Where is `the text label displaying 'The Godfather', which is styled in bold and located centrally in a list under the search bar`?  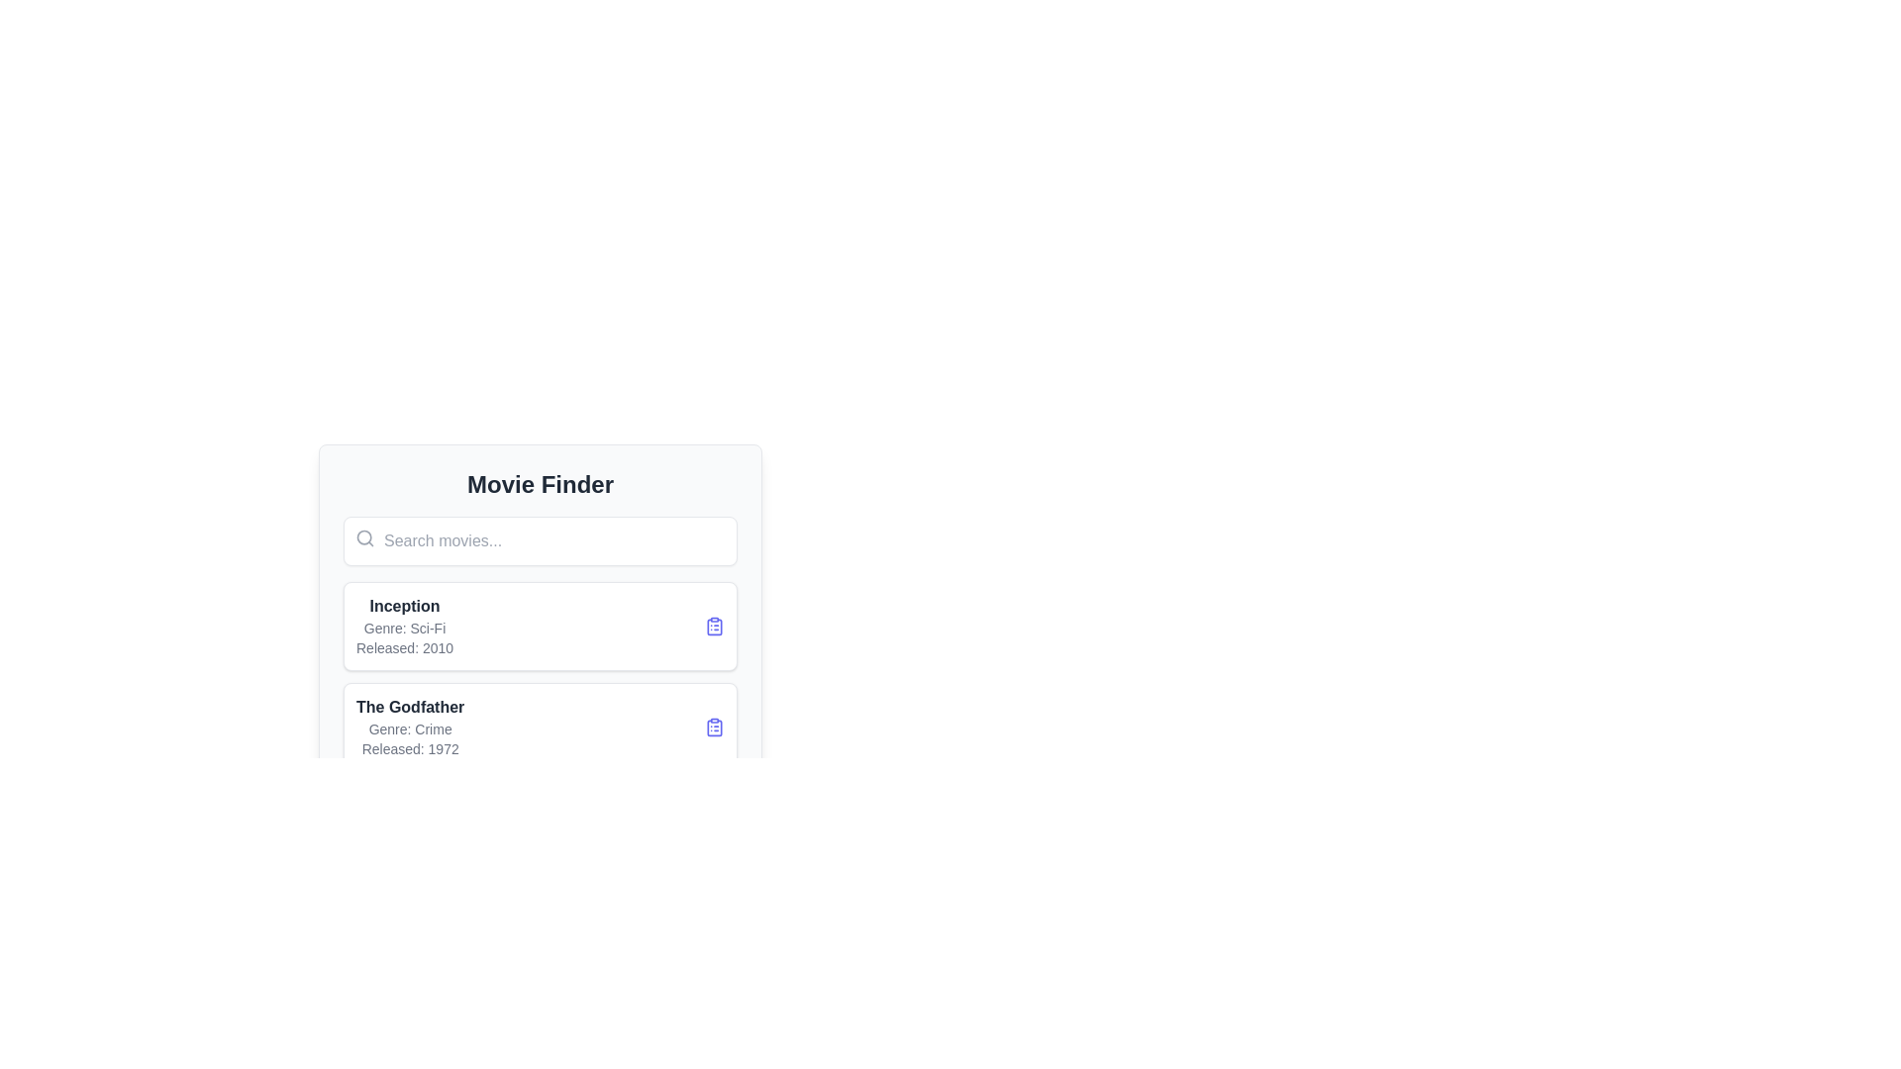
the text label displaying 'The Godfather', which is styled in bold and located centrally in a list under the search bar is located at coordinates (409, 706).